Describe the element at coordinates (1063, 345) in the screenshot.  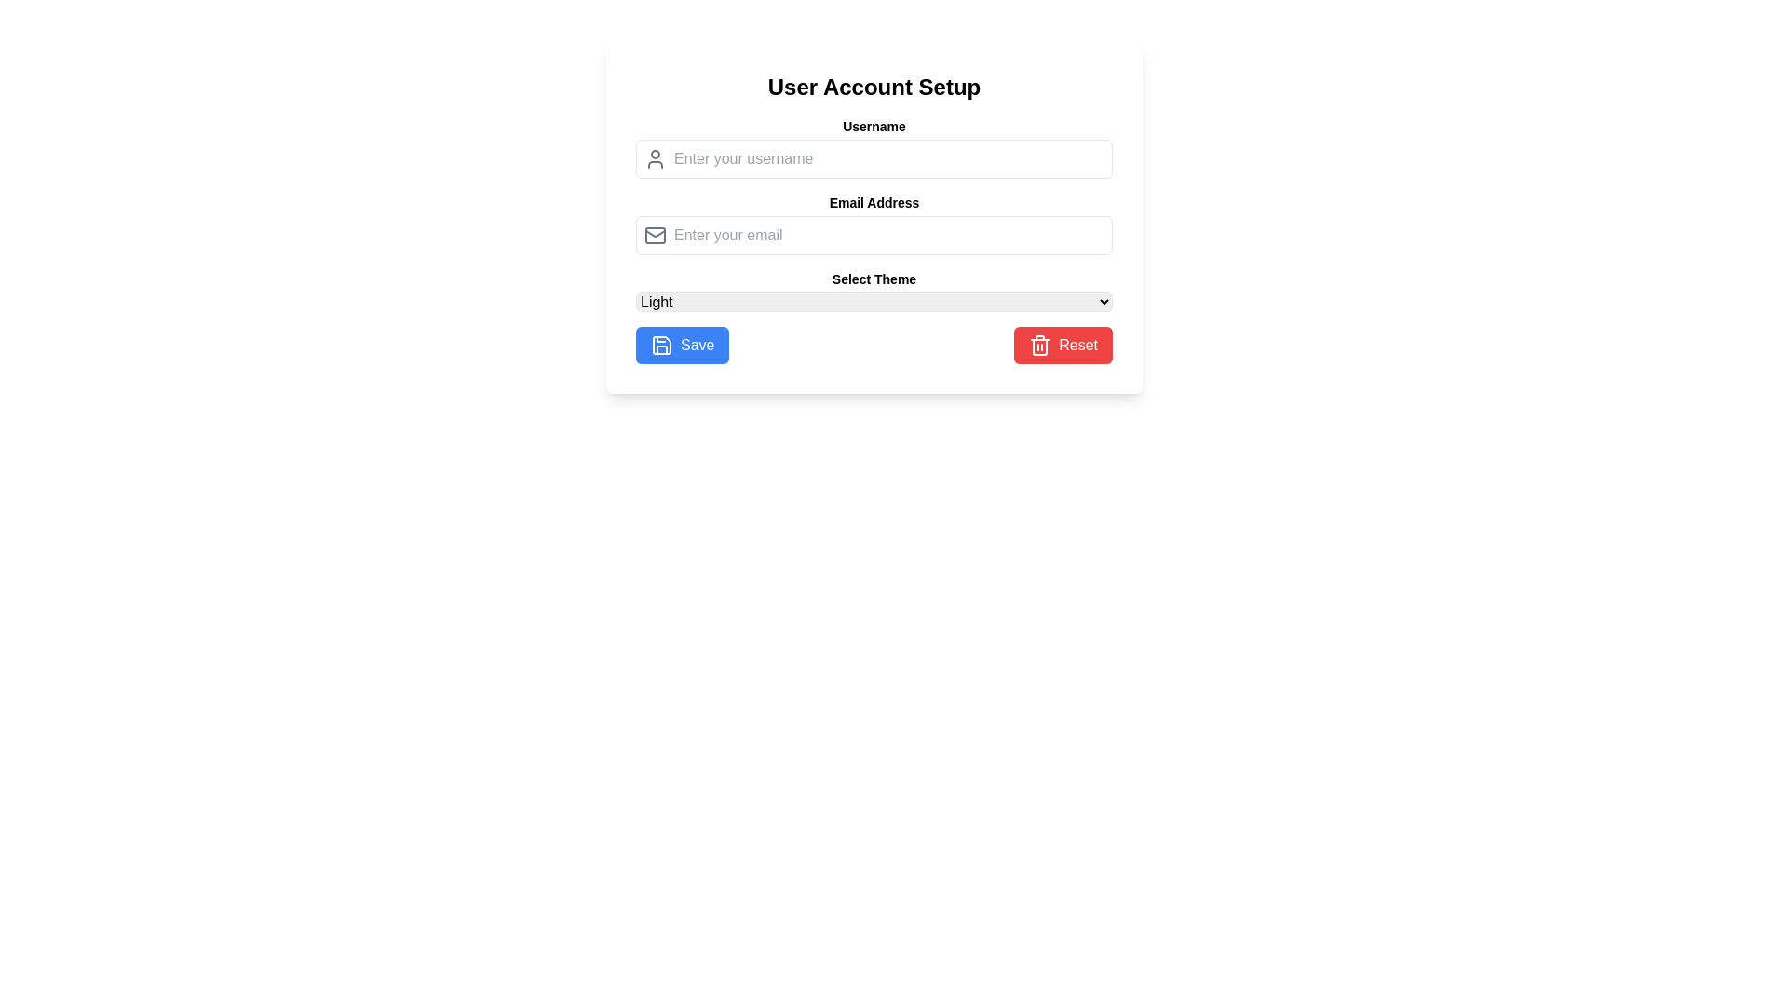
I see `the 'Reset' button located to the right of the 'Save' button in the user account setup form to observe its hover effect` at that location.